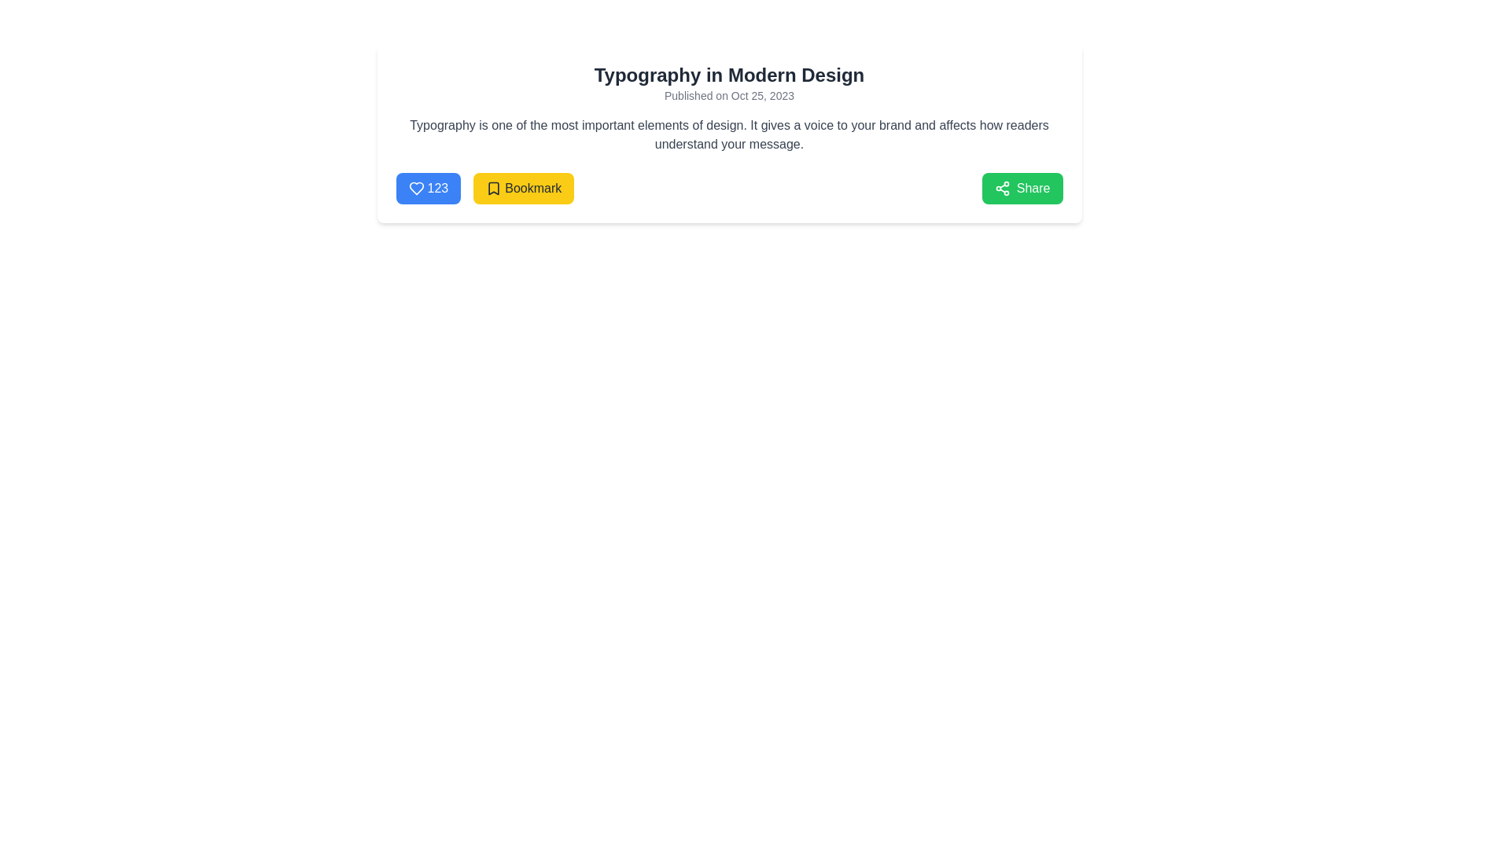 The width and height of the screenshot is (1510, 849). Describe the element at coordinates (493, 187) in the screenshot. I see `the bookmark-shaped icon with a vibrant yellow background located in the toolbar below the title 'Typography in Modern Design'` at that location.